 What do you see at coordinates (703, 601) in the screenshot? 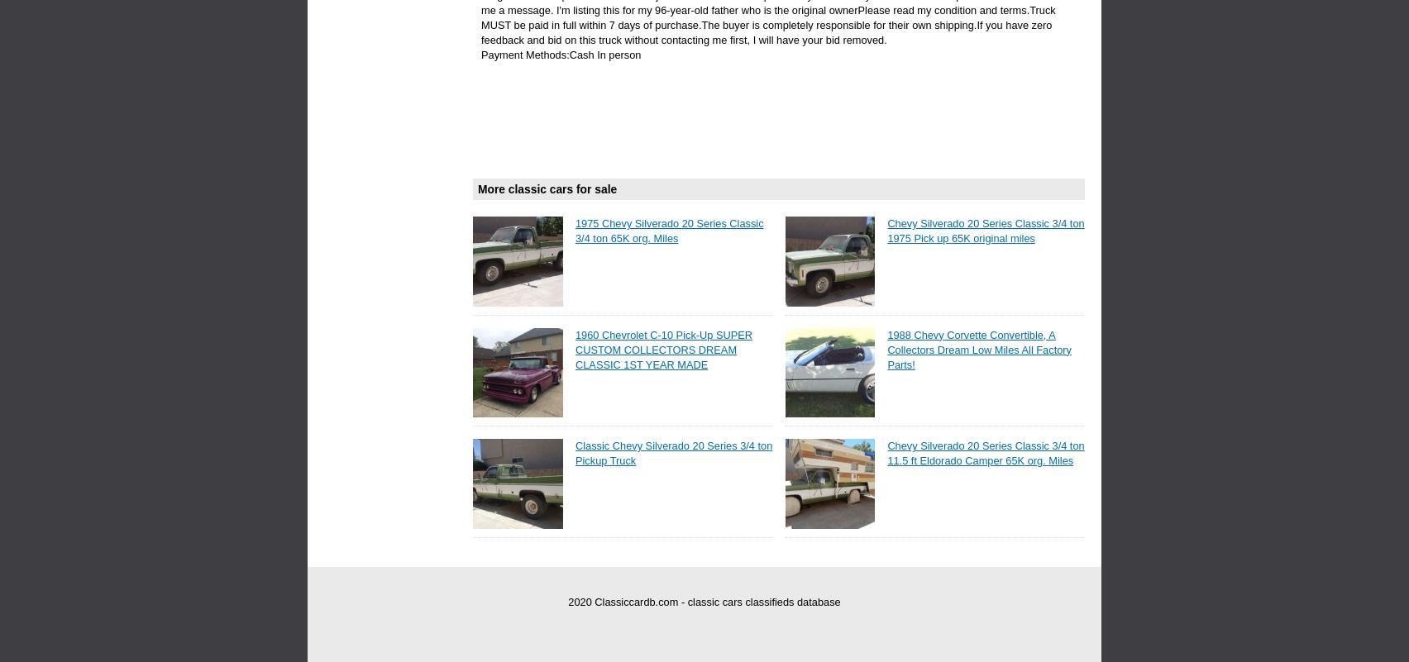
I see `'2020 Classiccardb.com - classic cars classifieds database'` at bounding box center [703, 601].